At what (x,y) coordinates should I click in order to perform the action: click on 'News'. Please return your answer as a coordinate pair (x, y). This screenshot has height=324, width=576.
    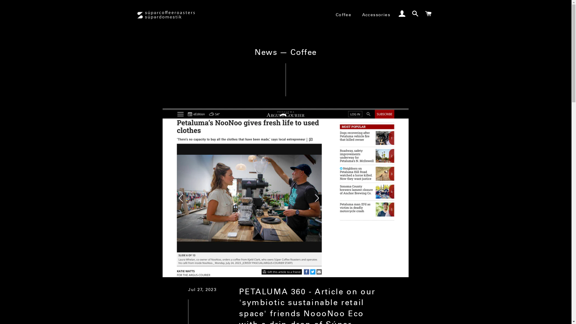
    Looking at the image, I should click on (265, 52).